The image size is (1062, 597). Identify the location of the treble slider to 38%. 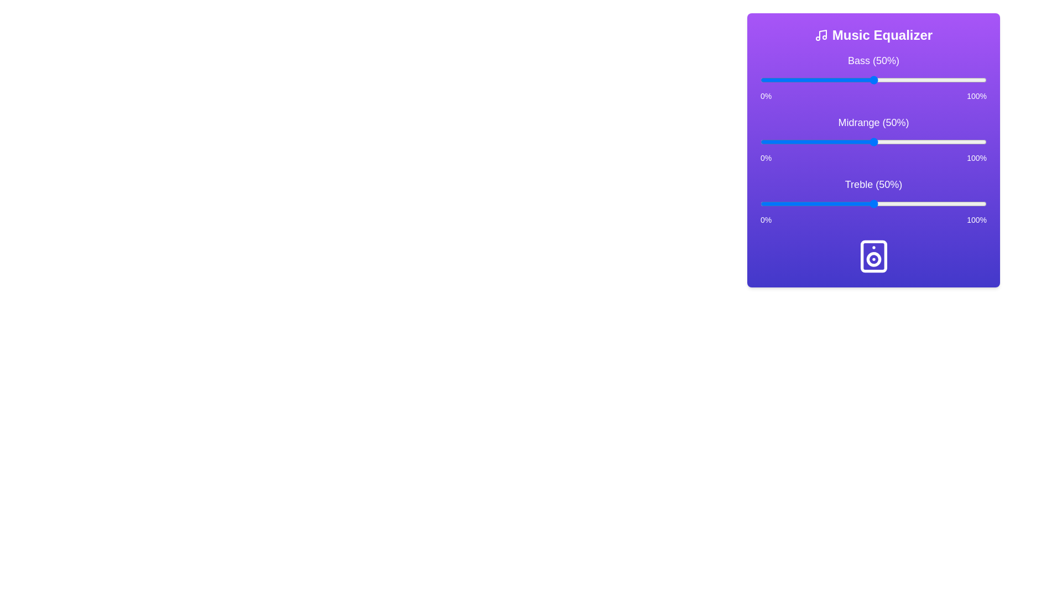
(846, 204).